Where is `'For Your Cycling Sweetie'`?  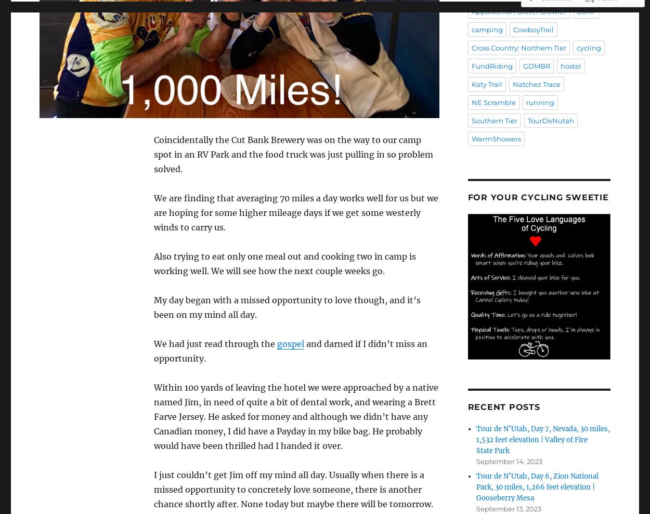 'For Your Cycling Sweetie' is located at coordinates (538, 197).